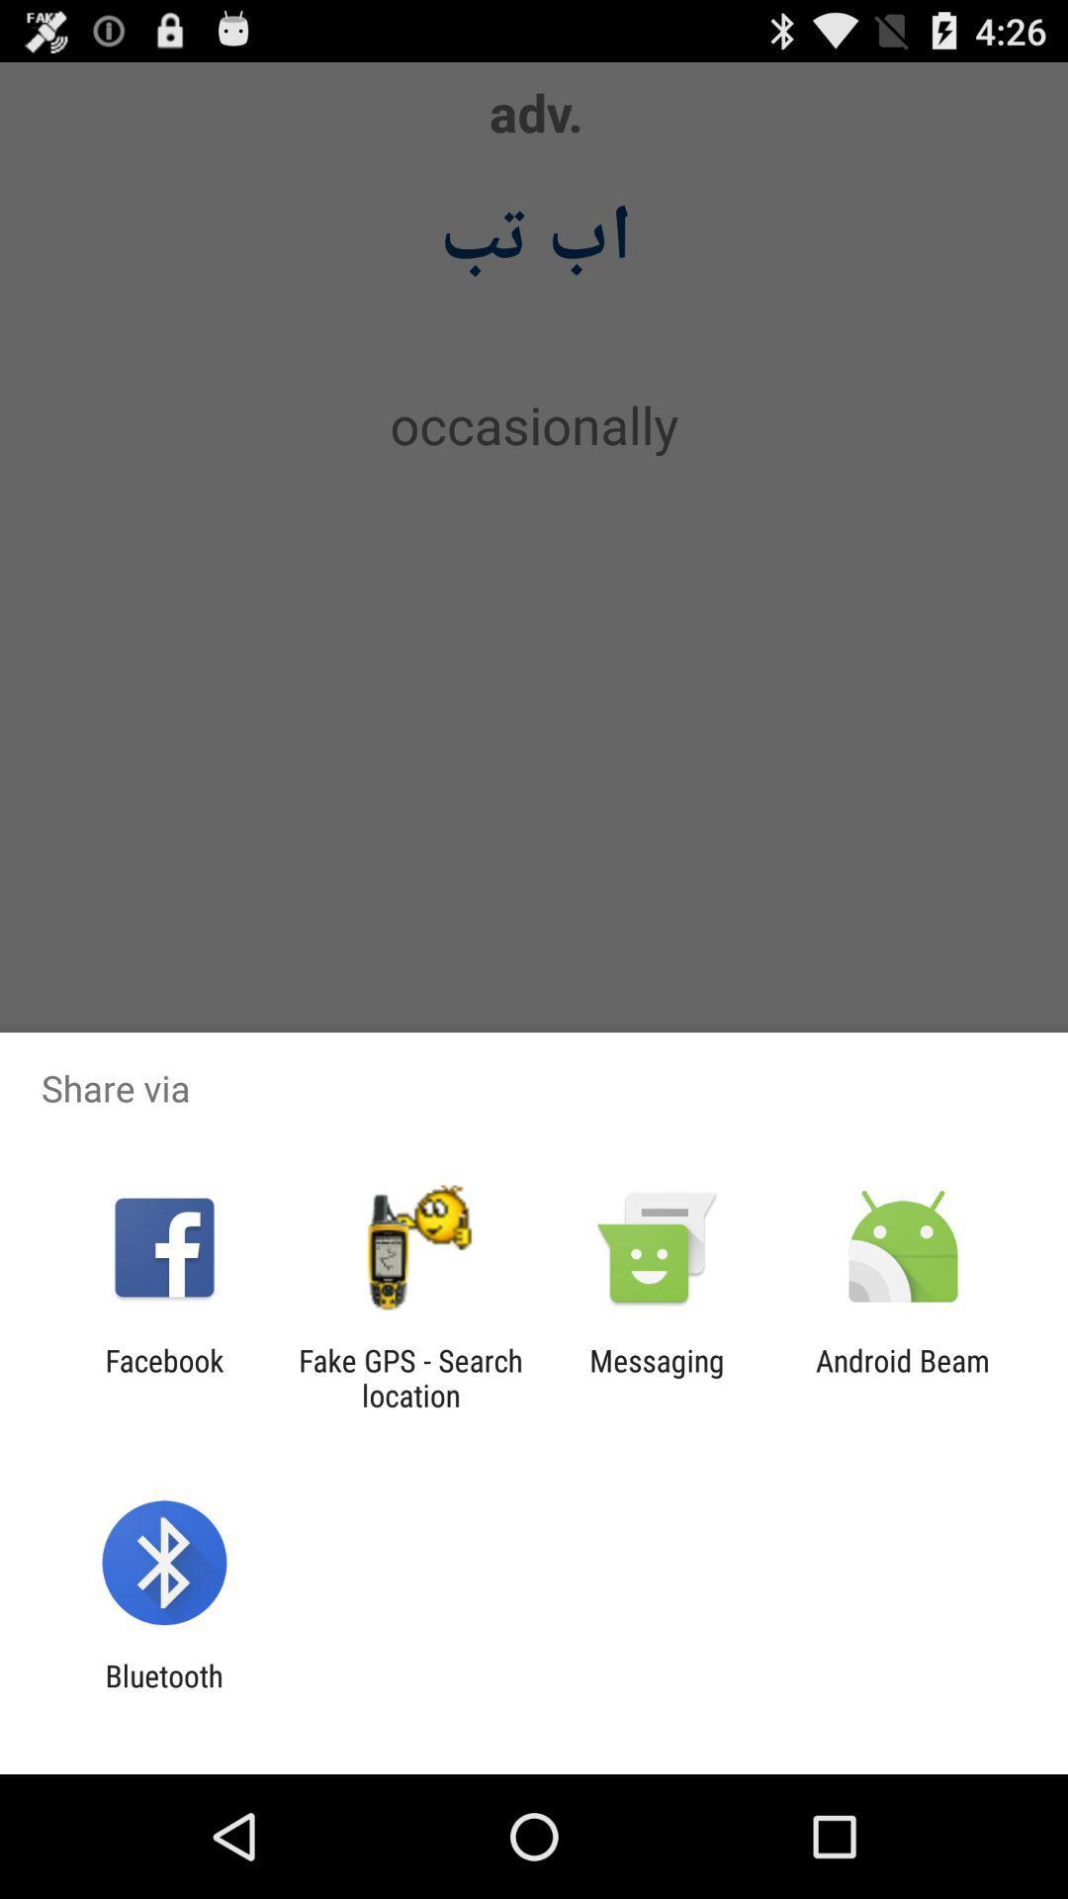 The width and height of the screenshot is (1068, 1899). I want to click on the bluetooth, so click(163, 1692).